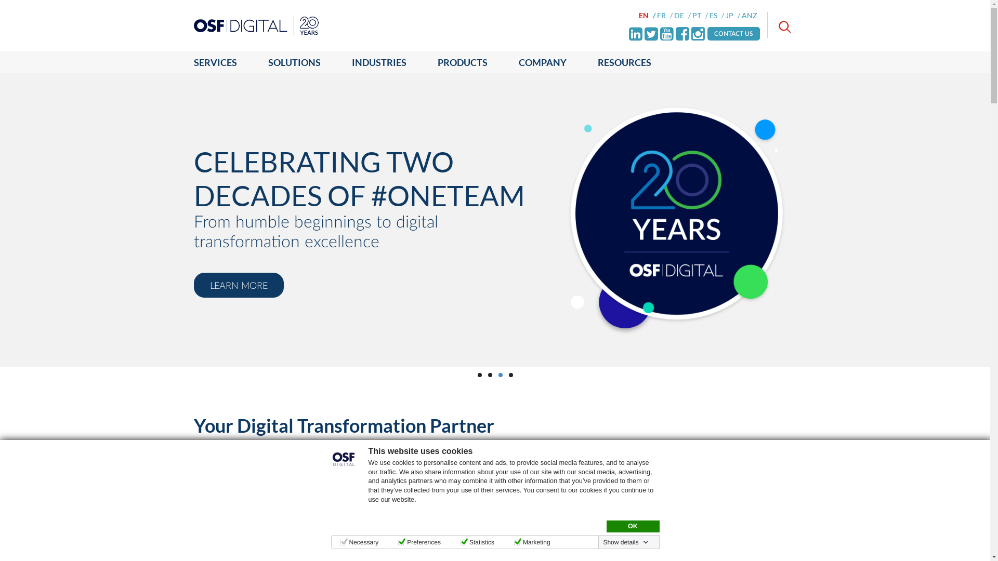  Describe the element at coordinates (503, 62) in the screenshot. I see `'COMPANY'` at that location.